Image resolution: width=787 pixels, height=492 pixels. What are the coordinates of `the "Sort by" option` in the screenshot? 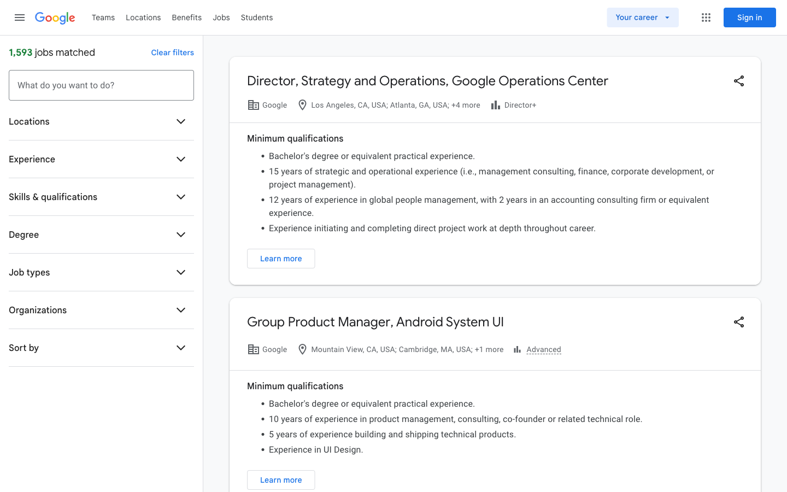 It's located at (181, 348).